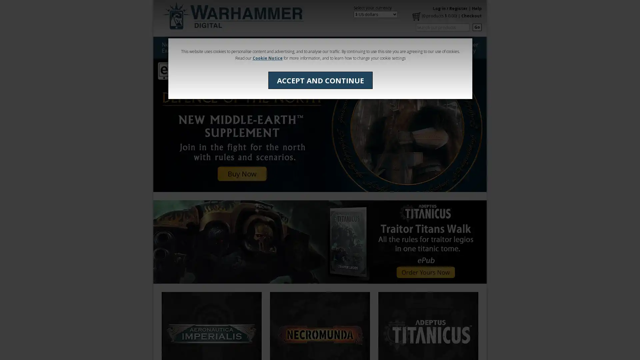 The image size is (640, 360). I want to click on Go, so click(477, 27).